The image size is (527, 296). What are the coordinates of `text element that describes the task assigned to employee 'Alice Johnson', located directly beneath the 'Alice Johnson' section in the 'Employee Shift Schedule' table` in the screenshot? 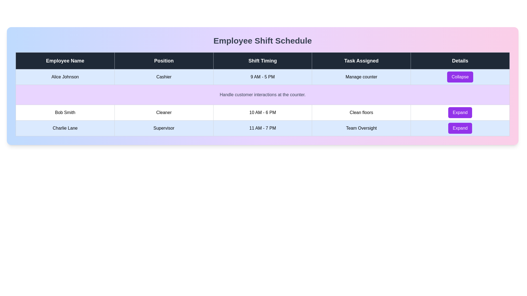 It's located at (262, 95).